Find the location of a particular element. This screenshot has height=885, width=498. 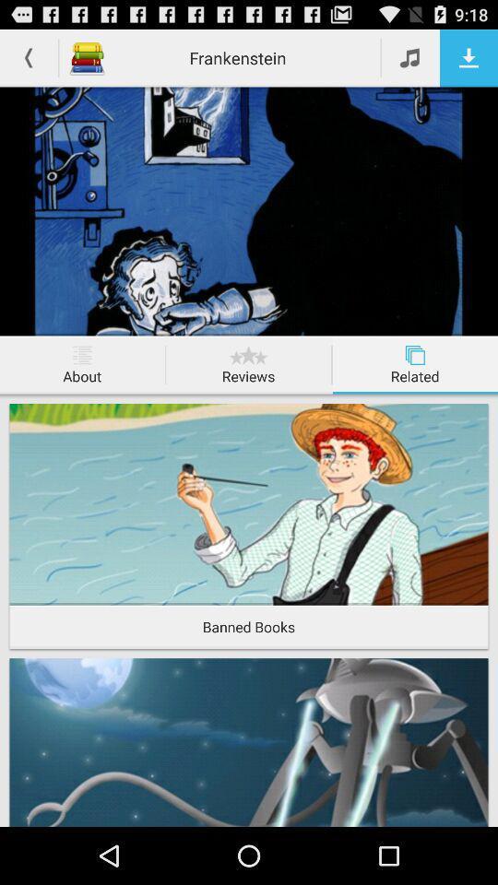

download is located at coordinates (468, 57).